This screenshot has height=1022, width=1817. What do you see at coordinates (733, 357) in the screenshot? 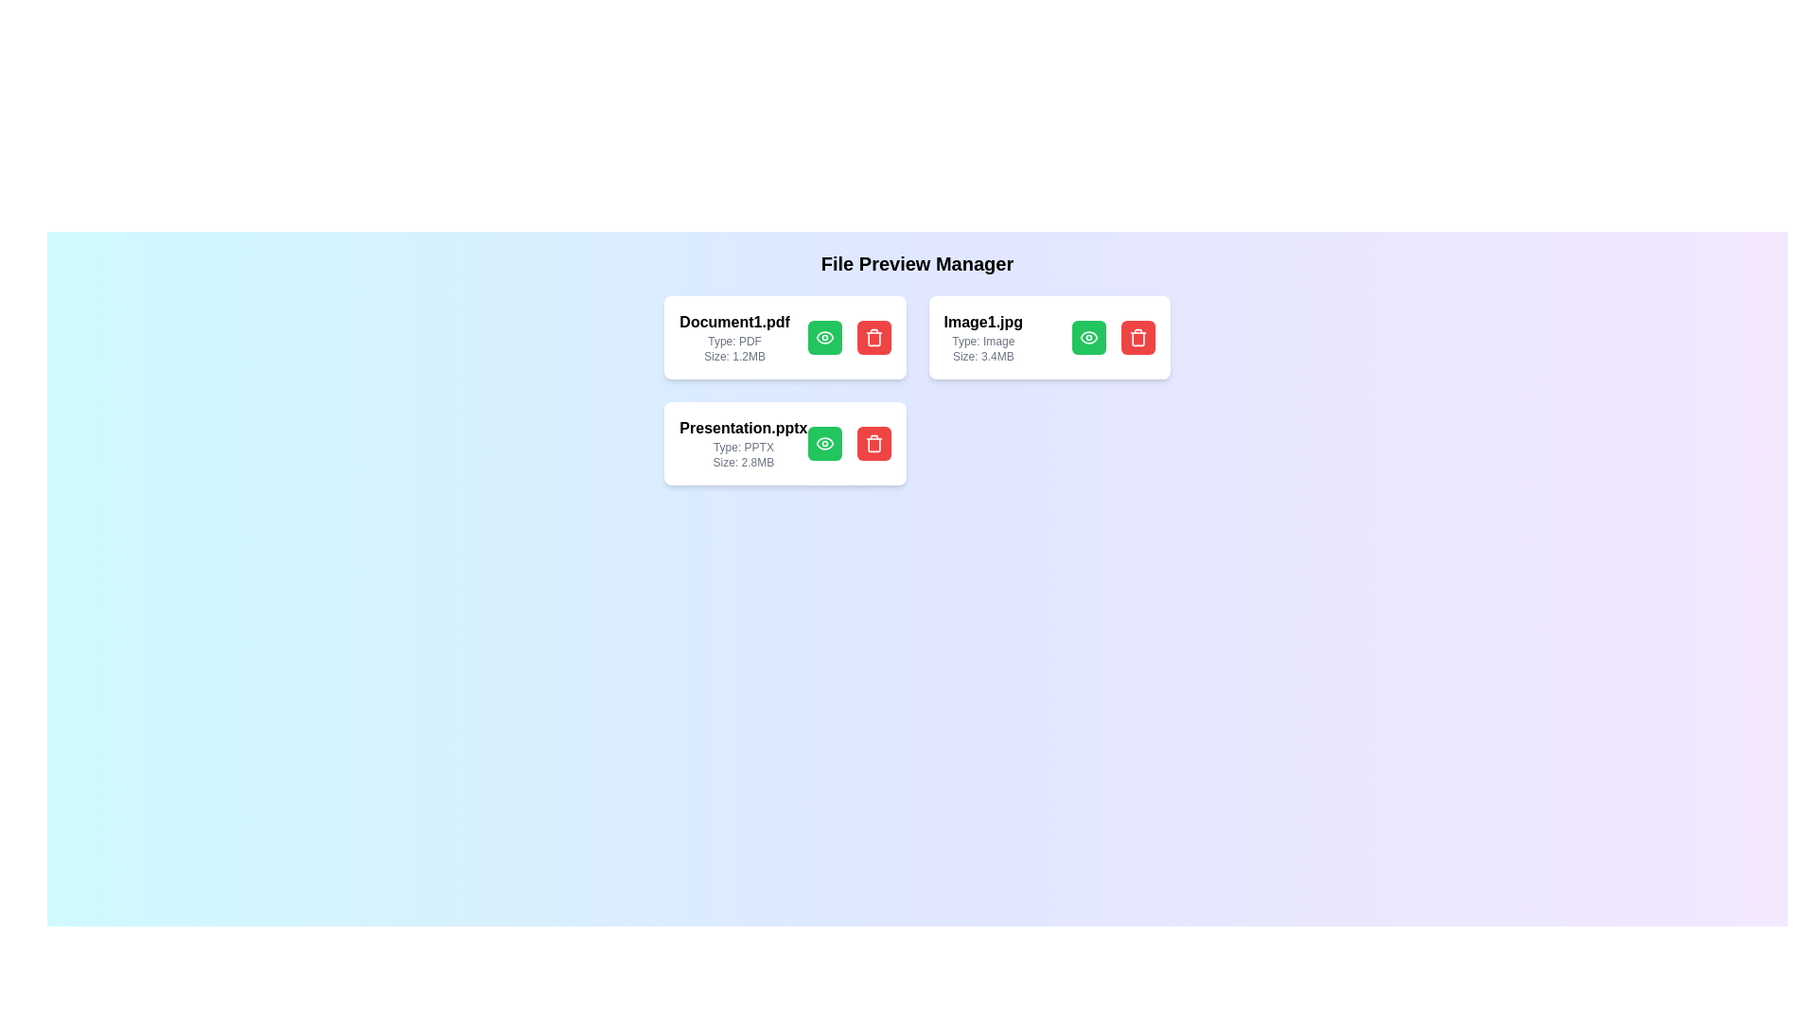
I see `static text label that displays 'Size: 1.2MB', located within the file preview card for 'Document1.pdf'` at bounding box center [733, 357].